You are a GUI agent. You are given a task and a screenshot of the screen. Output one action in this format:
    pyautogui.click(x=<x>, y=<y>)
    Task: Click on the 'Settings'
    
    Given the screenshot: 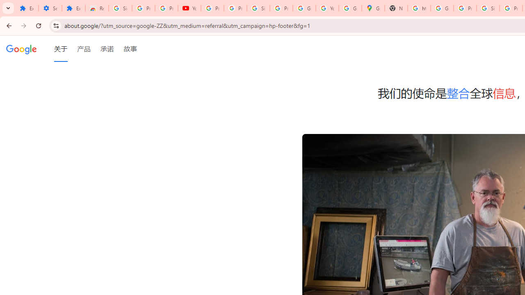 What is the action you would take?
    pyautogui.click(x=50, y=8)
    